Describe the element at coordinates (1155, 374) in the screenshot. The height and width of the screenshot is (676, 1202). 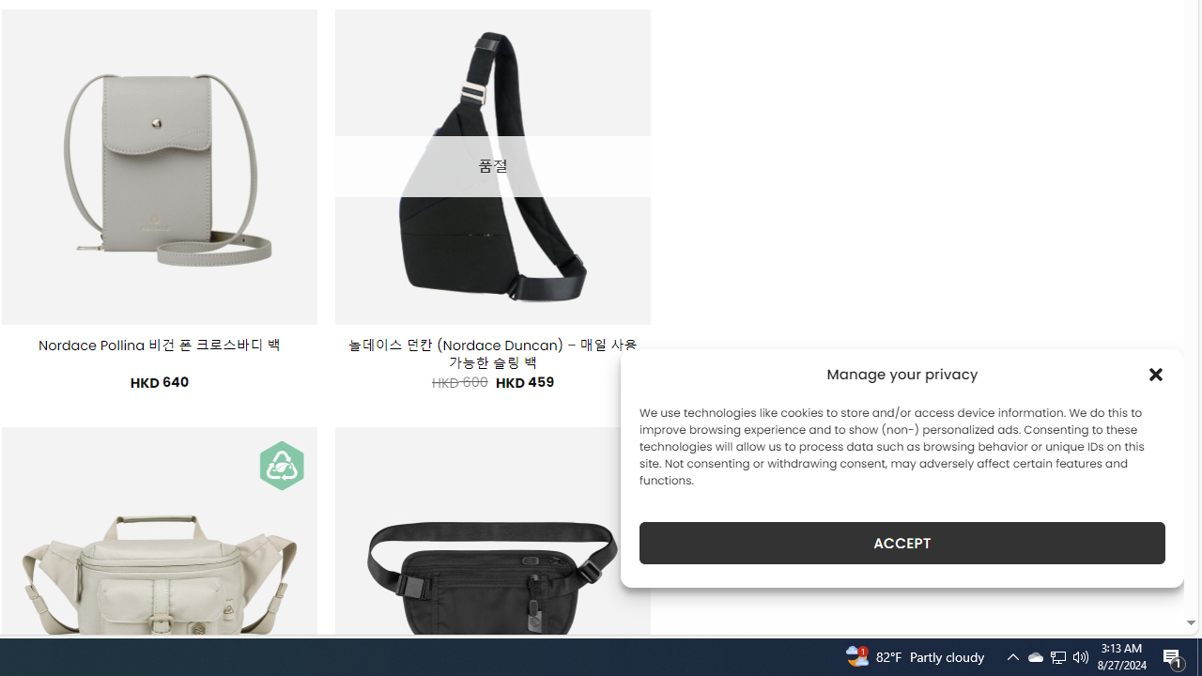
I see `'Class: cmplz-close'` at that location.